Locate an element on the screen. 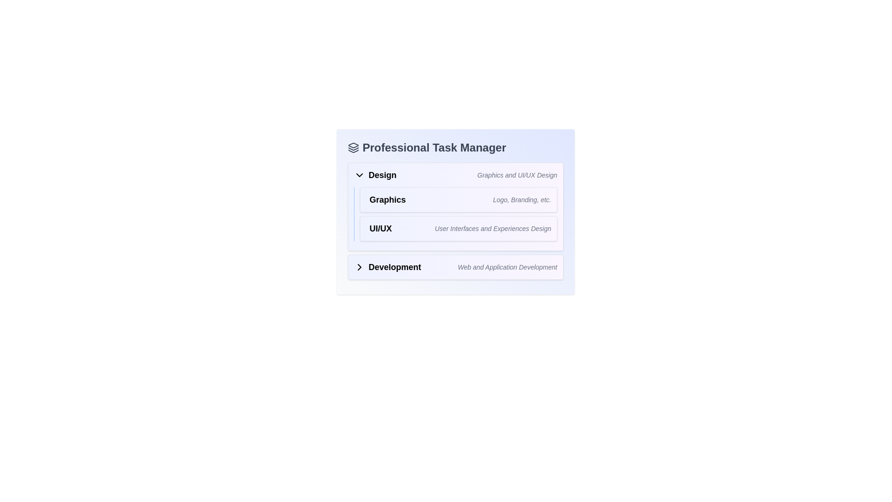 This screenshot has height=502, width=892. the text element displaying the word 'Development' in bold font styling, located to the right of the chevron icon in the section header layout is located at coordinates (394, 267).